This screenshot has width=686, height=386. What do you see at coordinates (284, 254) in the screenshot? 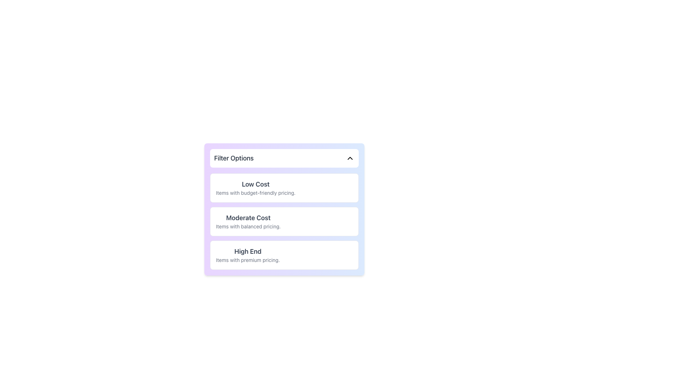
I see `the third selectable filter option labeled 'High End' in the 'Filter Options' section of the vertical list` at bounding box center [284, 254].